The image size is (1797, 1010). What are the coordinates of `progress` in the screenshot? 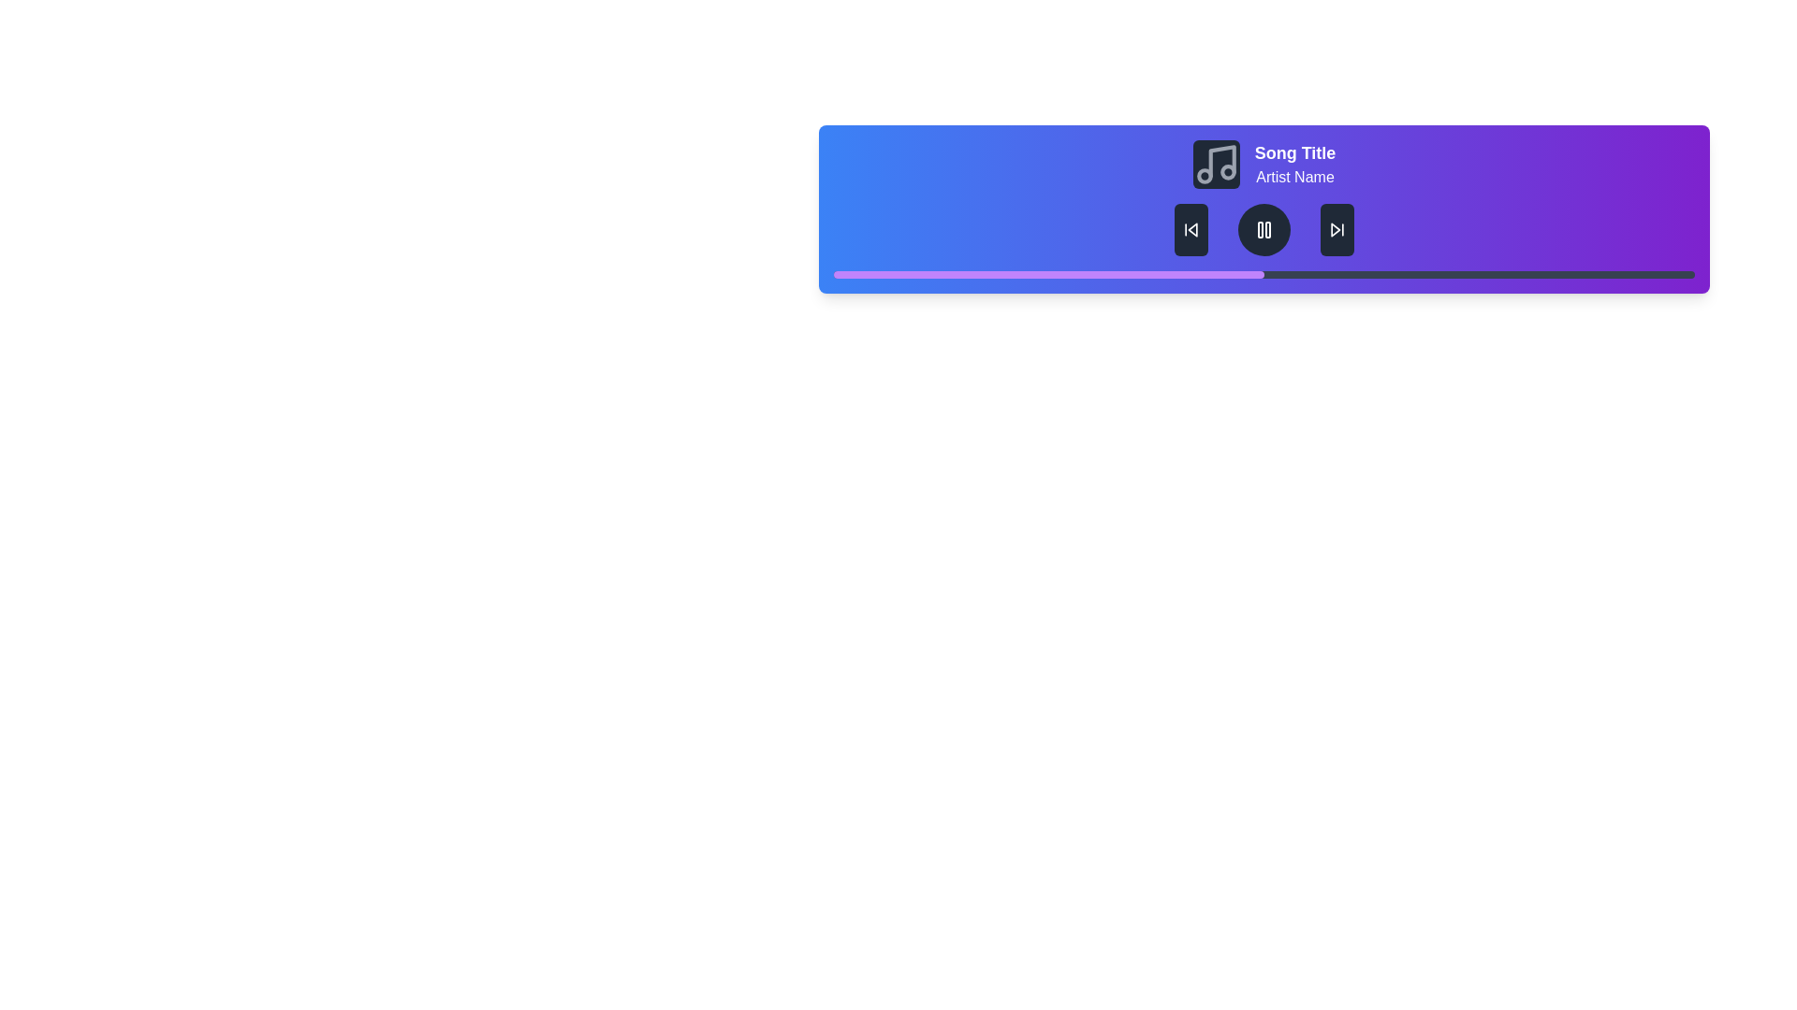 It's located at (1419, 274).